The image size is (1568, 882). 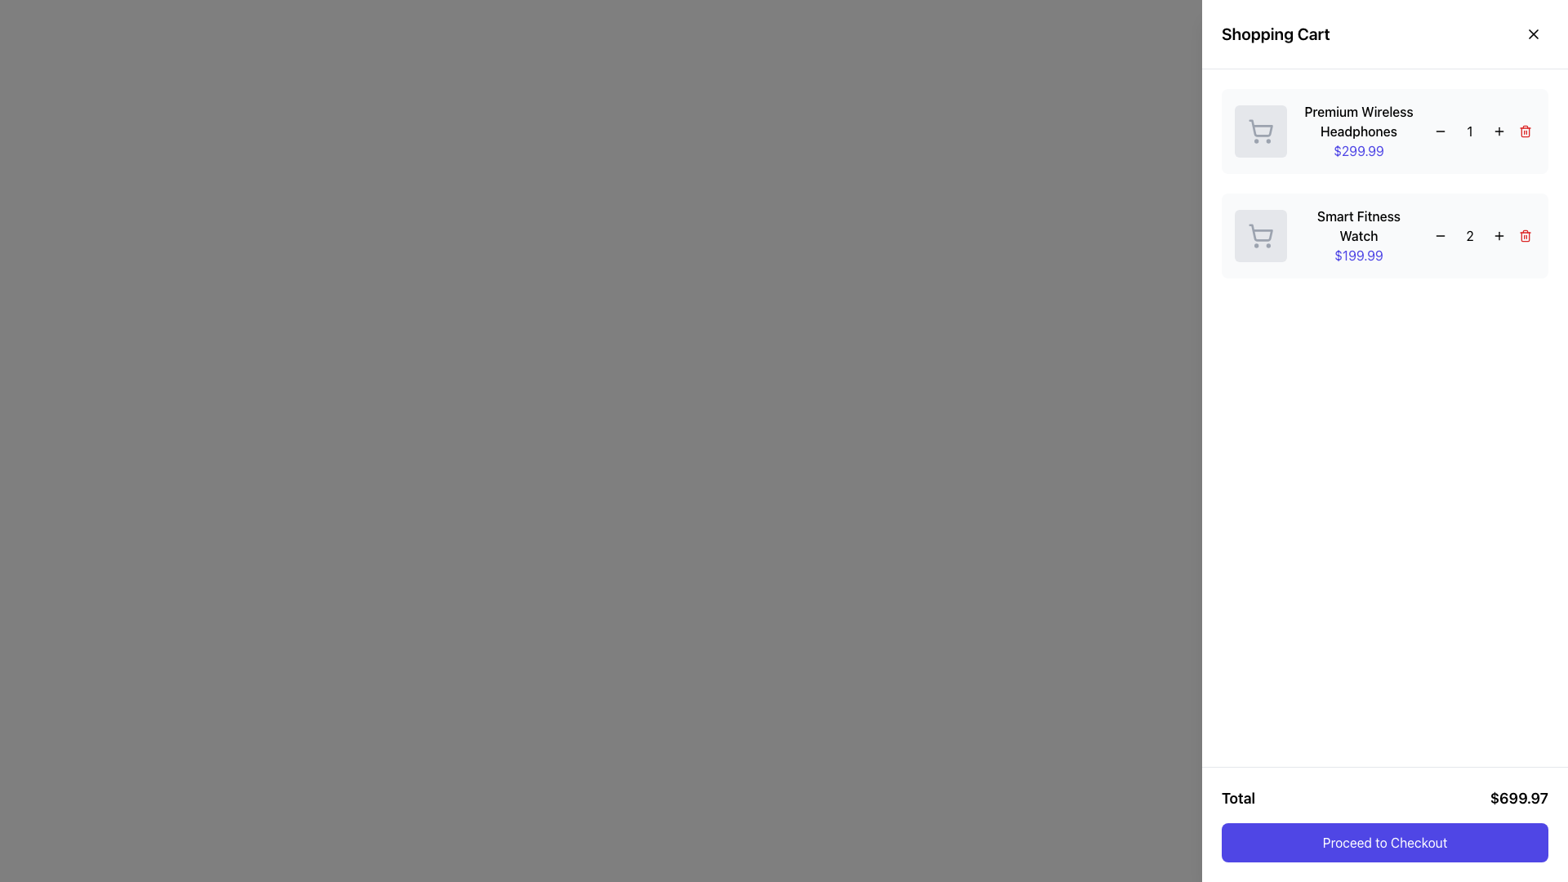 What do you see at coordinates (1359, 226) in the screenshot?
I see `text label 'Smart Fitness Watch' located centrally below the title 'Premium Wireless Headphones' and above the price '$199.99' in the cart interface` at bounding box center [1359, 226].